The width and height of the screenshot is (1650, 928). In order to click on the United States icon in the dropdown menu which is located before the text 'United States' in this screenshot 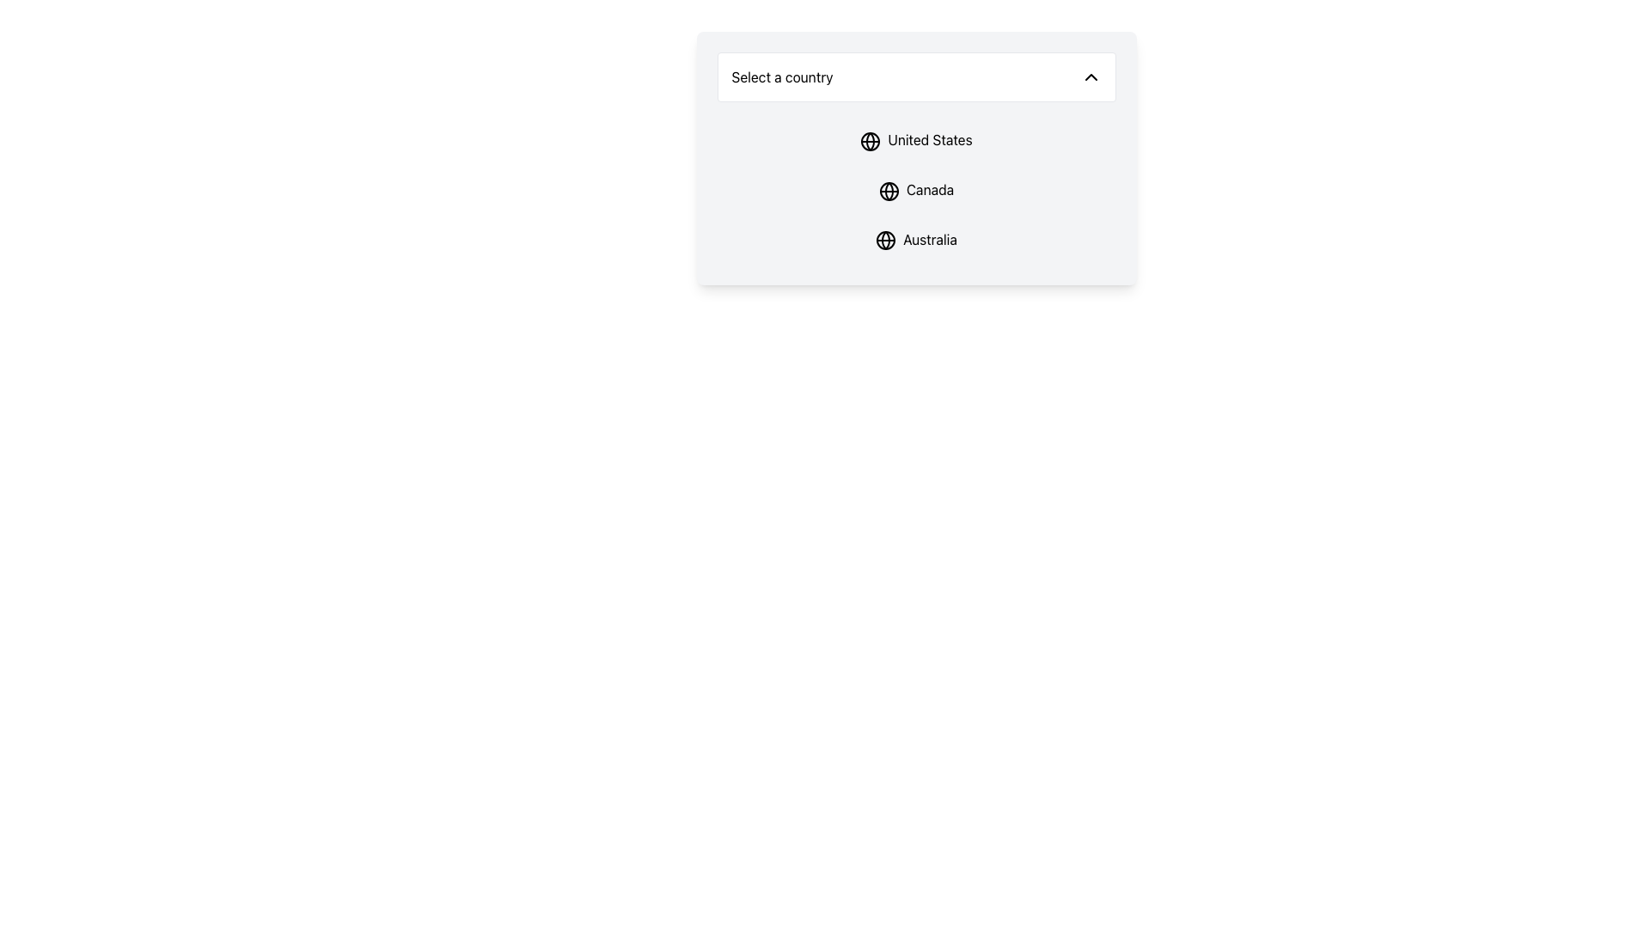, I will do `click(871, 140)`.